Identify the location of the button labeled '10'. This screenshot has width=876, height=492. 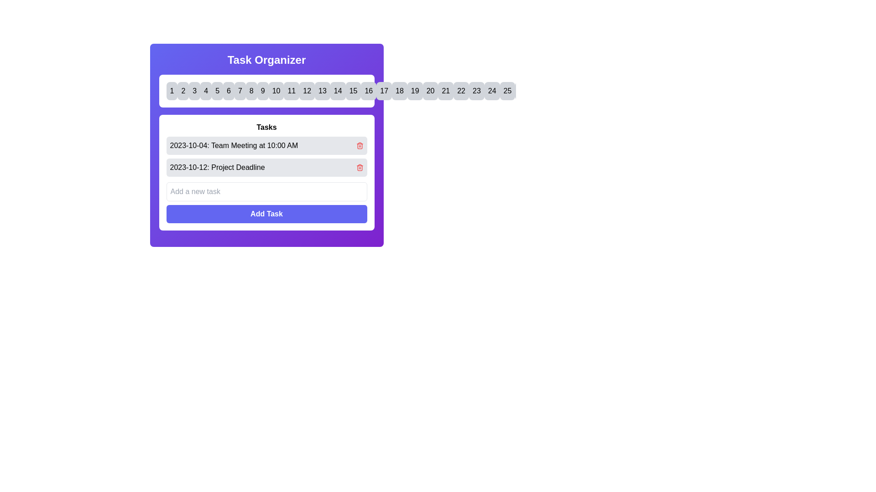
(276, 91).